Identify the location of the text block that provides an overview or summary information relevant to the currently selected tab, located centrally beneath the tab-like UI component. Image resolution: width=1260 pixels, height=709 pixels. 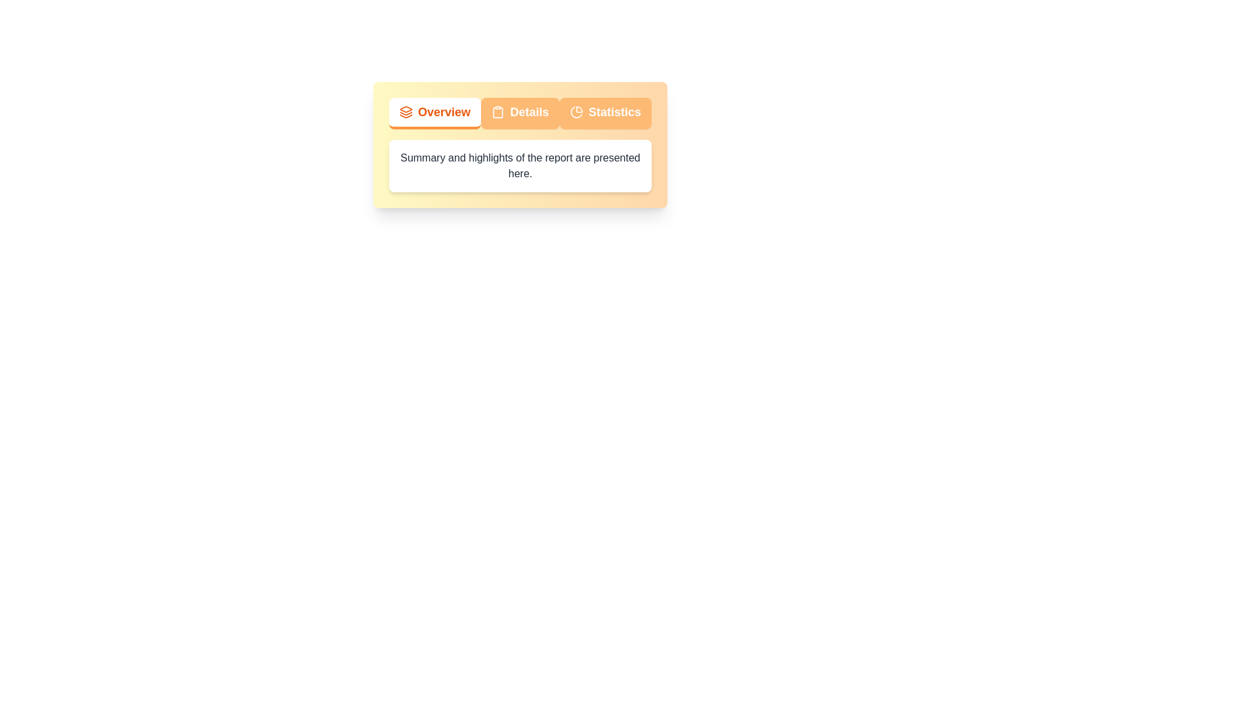
(519, 165).